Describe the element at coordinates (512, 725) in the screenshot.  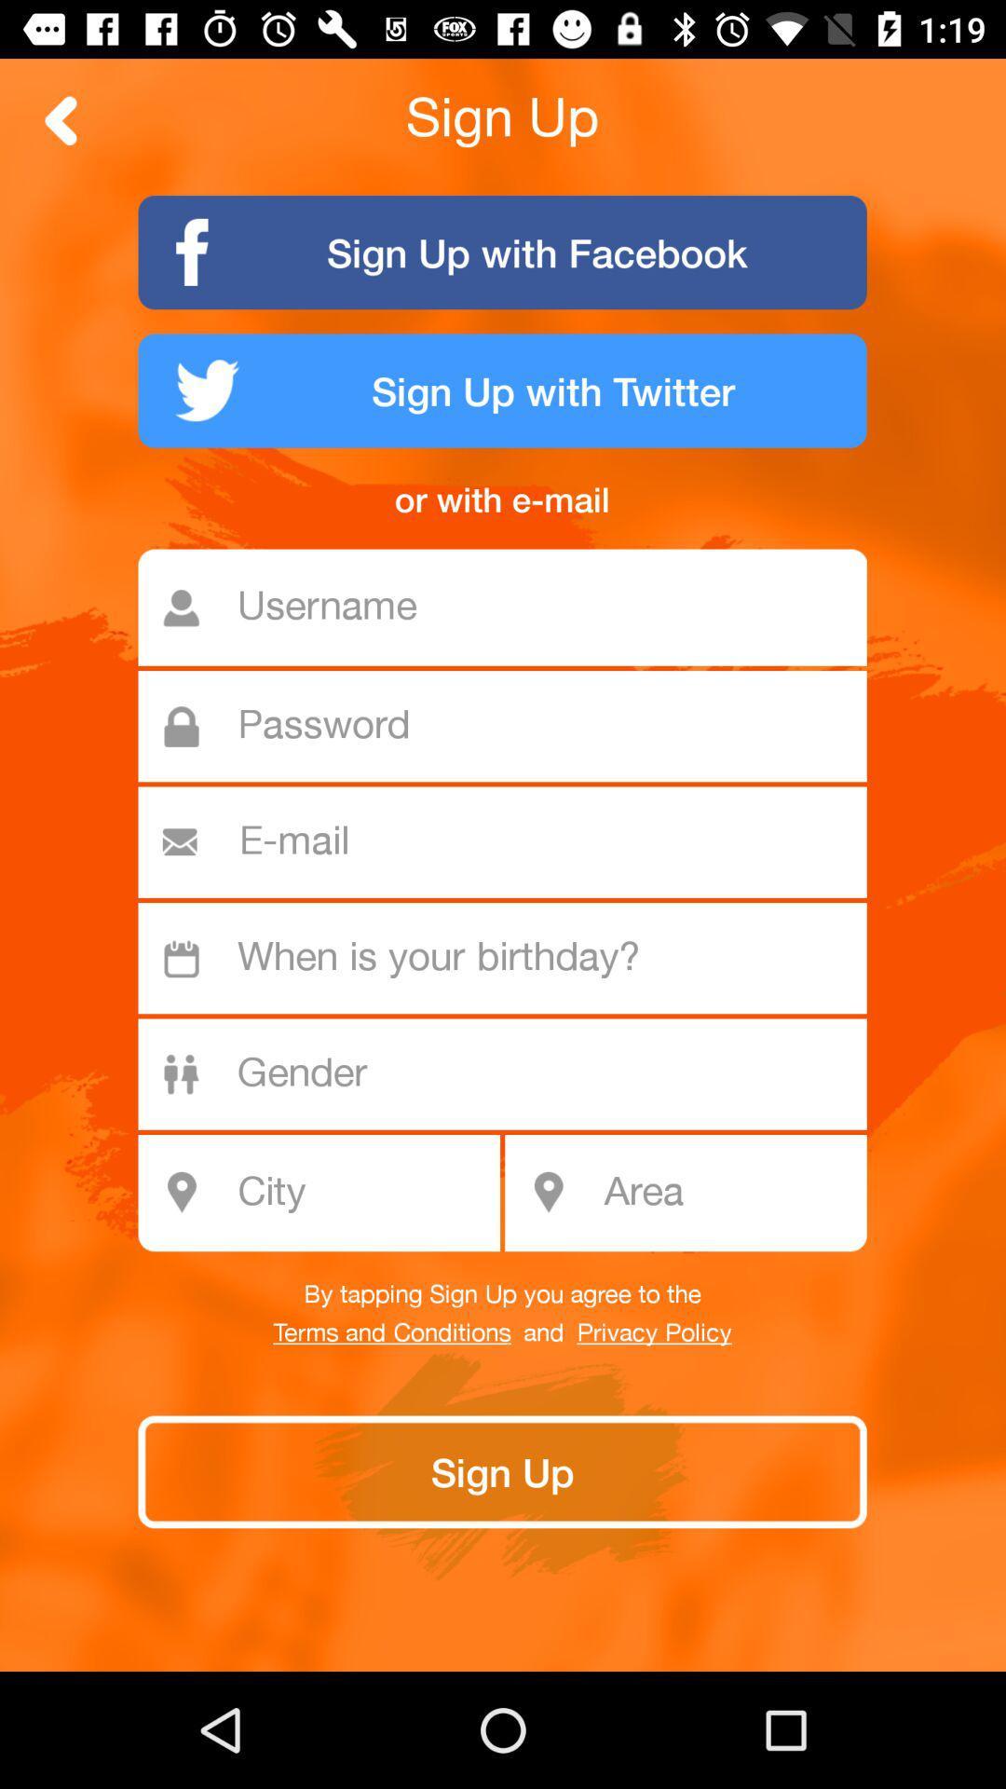
I see `your password` at that location.